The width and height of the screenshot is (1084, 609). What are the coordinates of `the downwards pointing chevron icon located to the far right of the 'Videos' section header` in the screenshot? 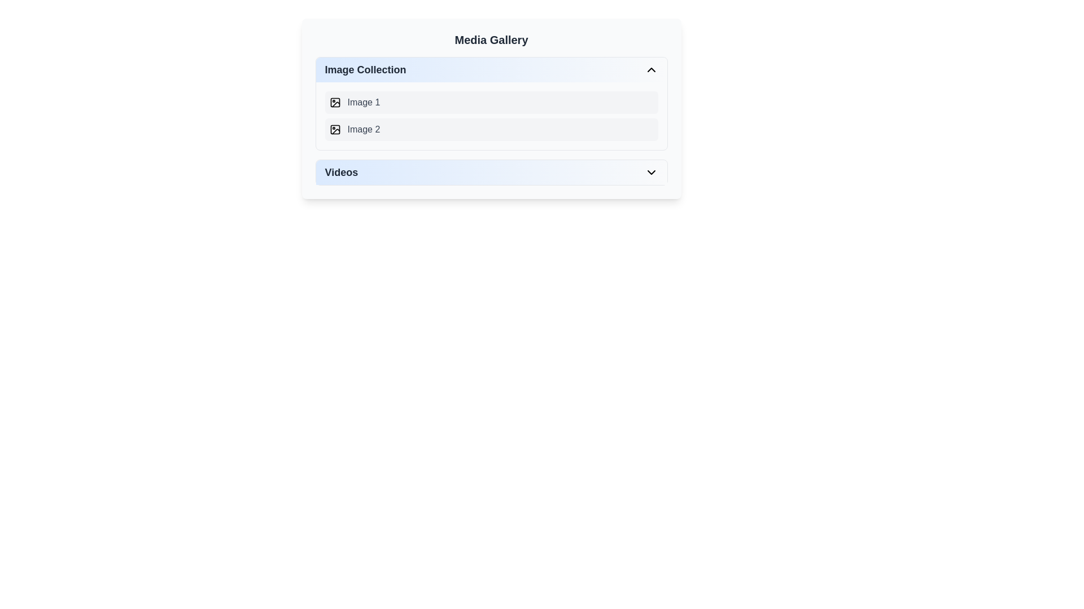 It's located at (651, 172).